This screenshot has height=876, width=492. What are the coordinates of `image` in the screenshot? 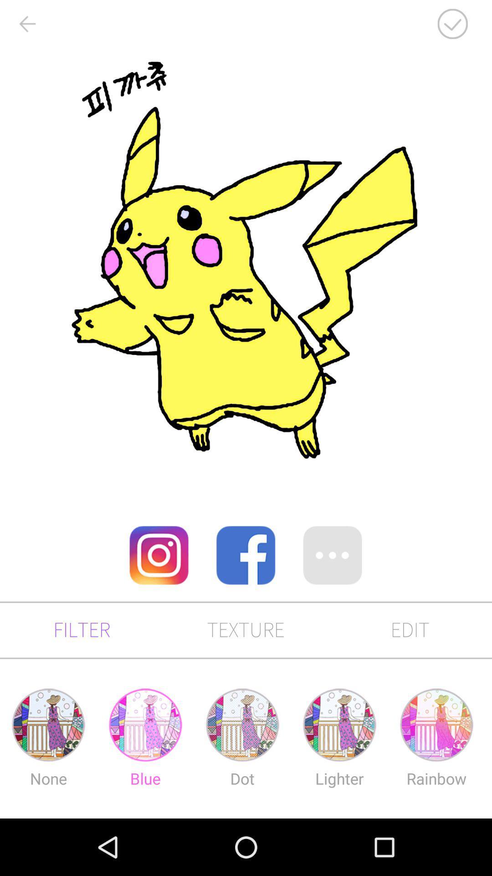 It's located at (452, 24).